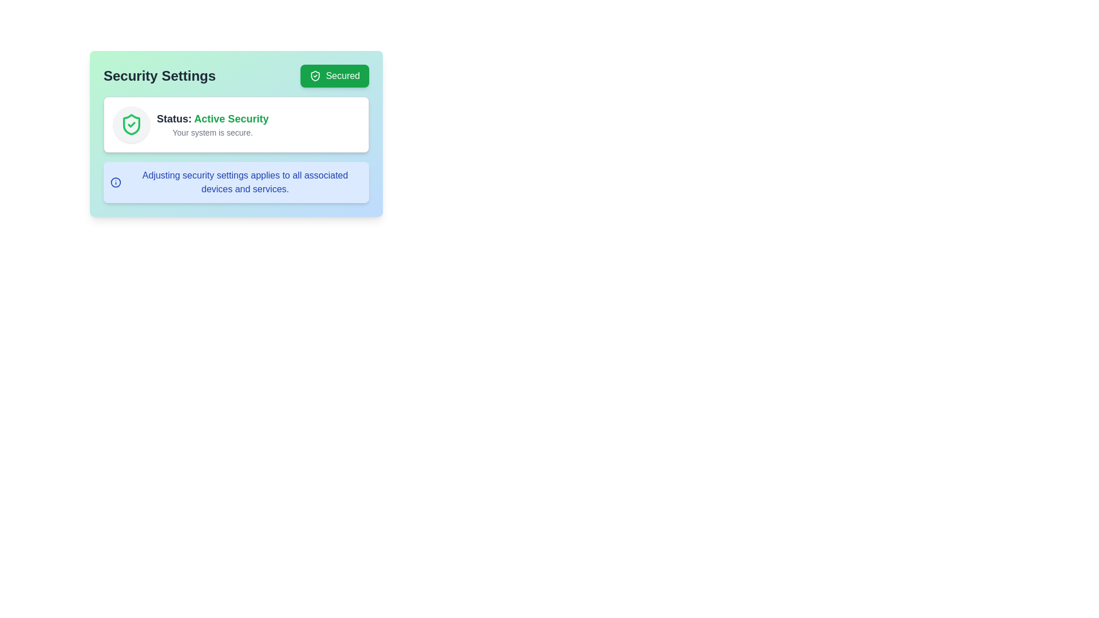  I want to click on the static text label that communicates the current secure state of the system, located below 'Status: Active Security' and aligned under the green status message 'Active Security', so click(212, 132).